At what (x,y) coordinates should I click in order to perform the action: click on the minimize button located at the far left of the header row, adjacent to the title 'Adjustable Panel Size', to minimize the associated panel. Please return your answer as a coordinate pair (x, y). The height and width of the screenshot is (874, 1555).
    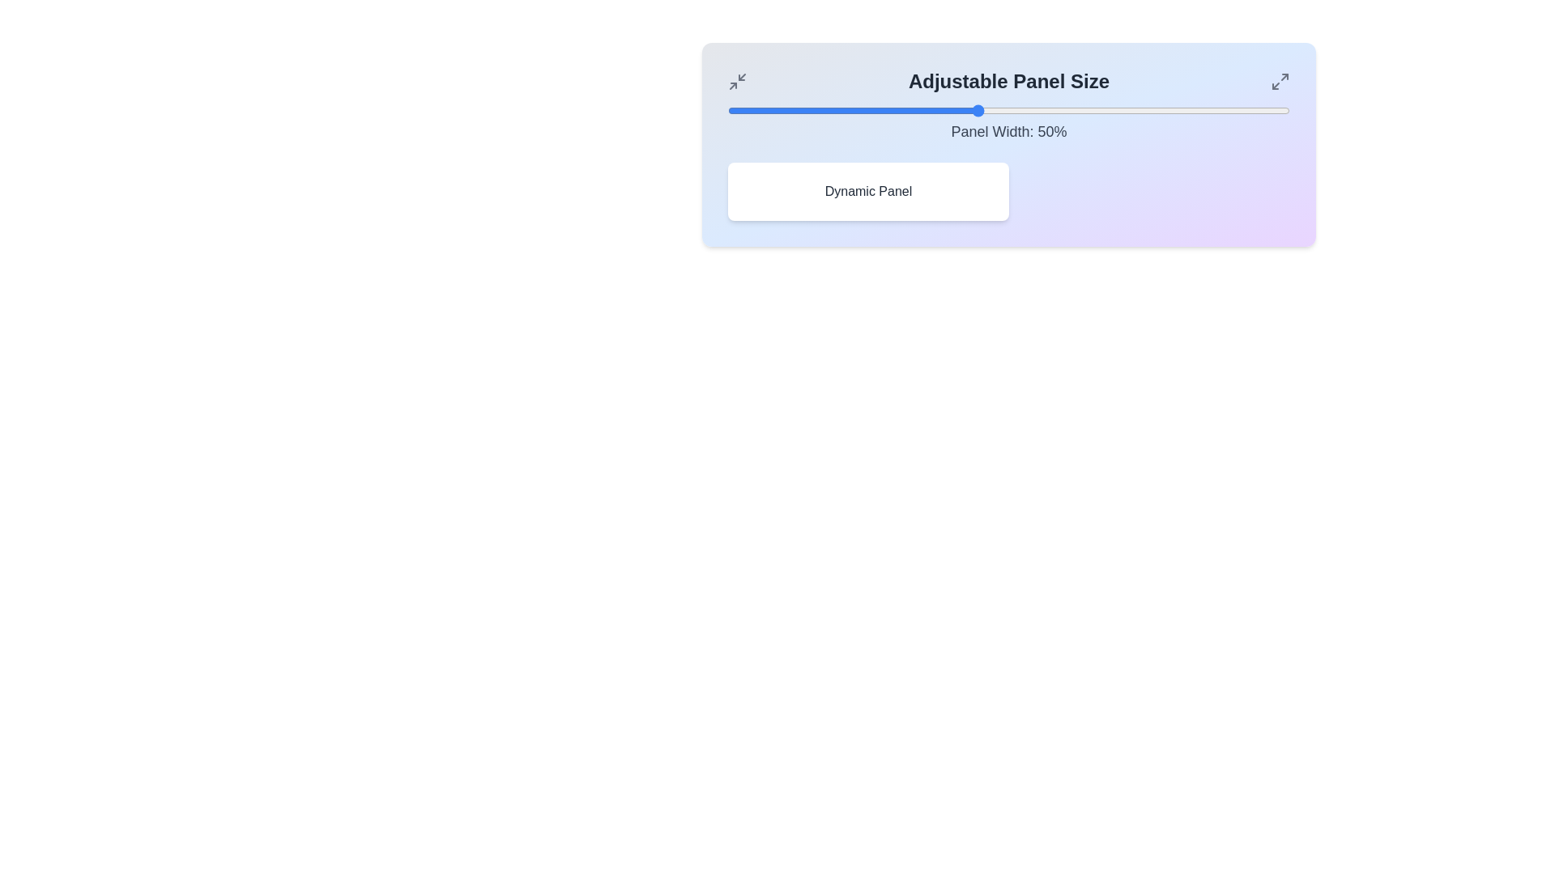
    Looking at the image, I should click on (737, 81).